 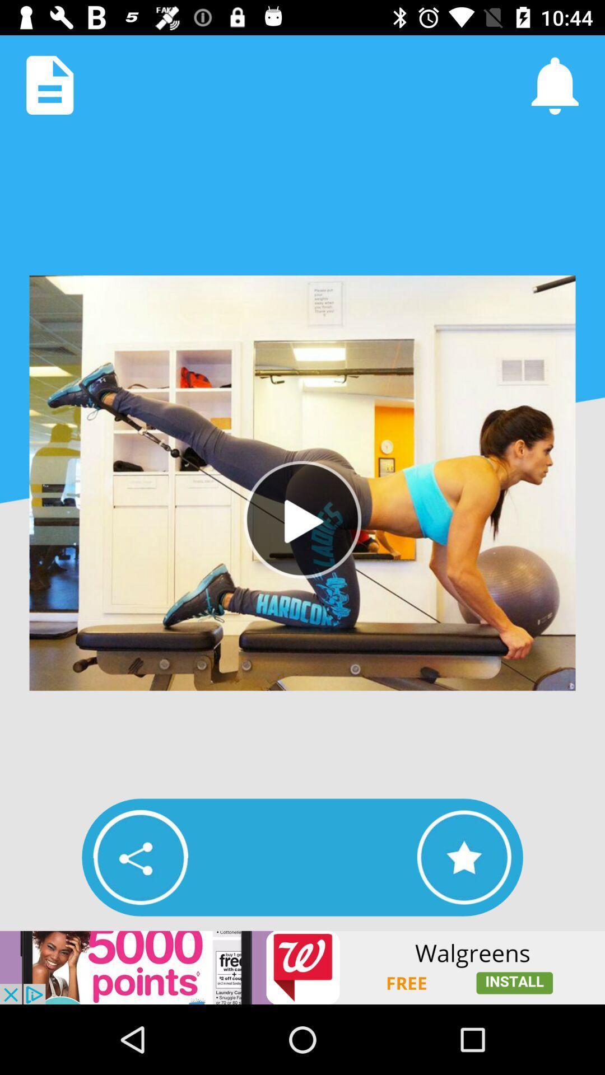 I want to click on get notifications, so click(x=555, y=85).